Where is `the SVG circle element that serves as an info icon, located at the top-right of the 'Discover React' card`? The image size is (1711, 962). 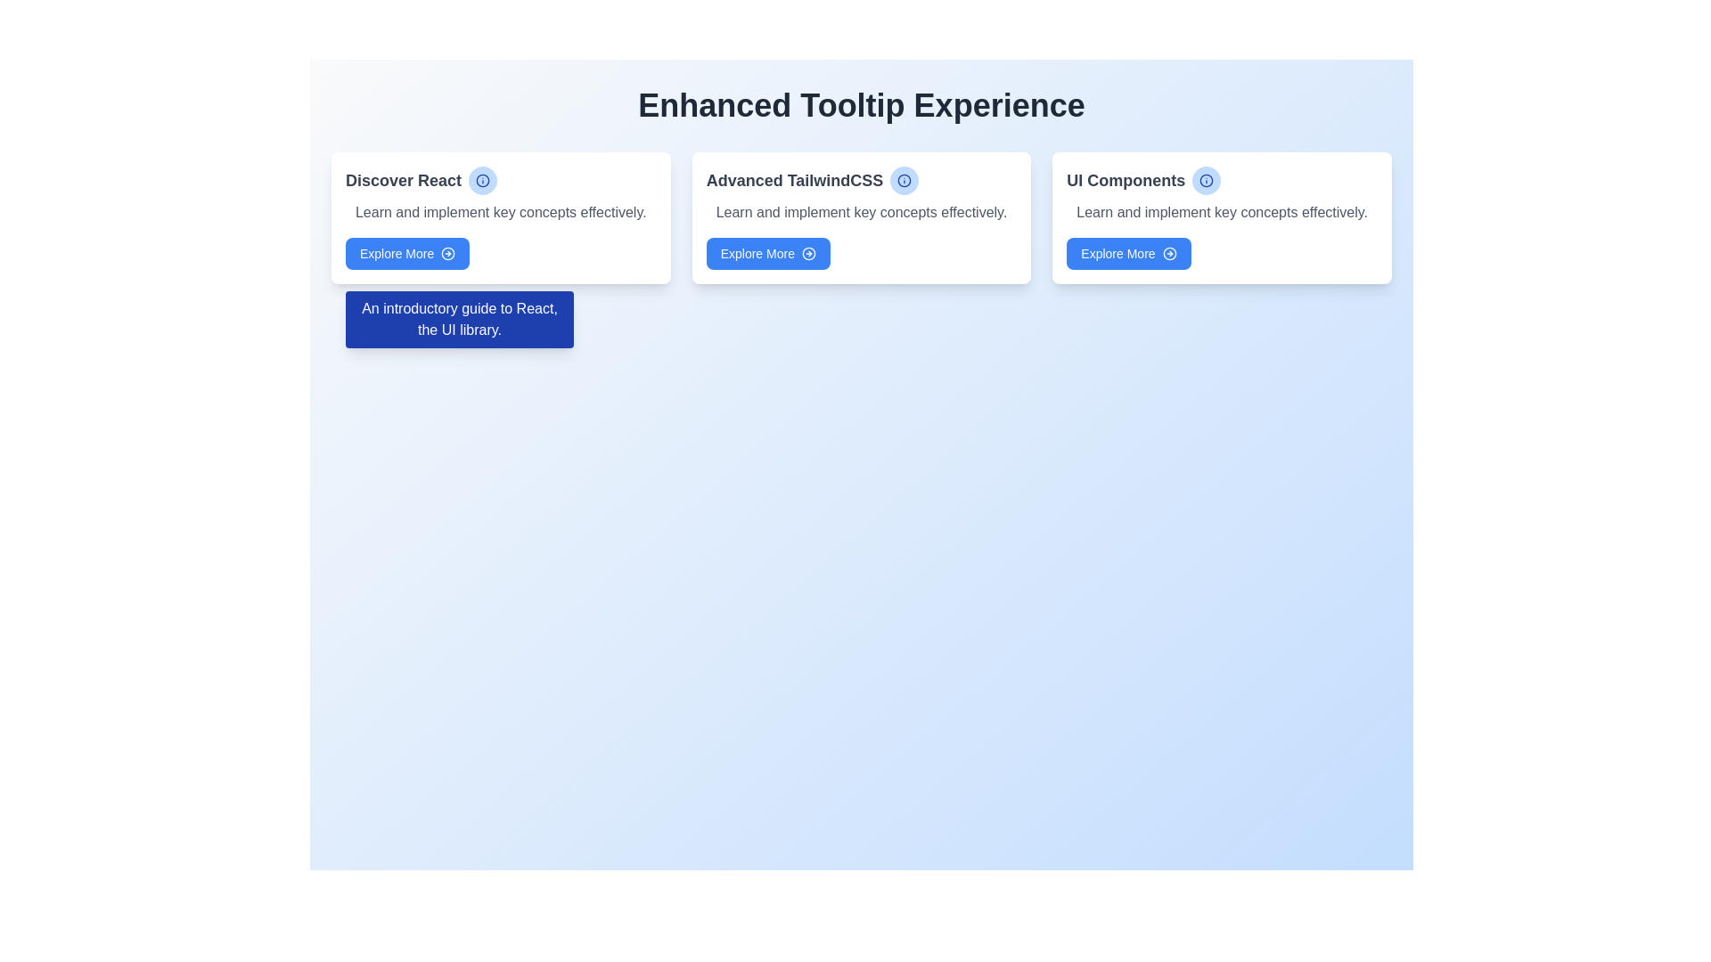
the SVG circle element that serves as an info icon, located at the top-right of the 'Discover React' card is located at coordinates (483, 181).